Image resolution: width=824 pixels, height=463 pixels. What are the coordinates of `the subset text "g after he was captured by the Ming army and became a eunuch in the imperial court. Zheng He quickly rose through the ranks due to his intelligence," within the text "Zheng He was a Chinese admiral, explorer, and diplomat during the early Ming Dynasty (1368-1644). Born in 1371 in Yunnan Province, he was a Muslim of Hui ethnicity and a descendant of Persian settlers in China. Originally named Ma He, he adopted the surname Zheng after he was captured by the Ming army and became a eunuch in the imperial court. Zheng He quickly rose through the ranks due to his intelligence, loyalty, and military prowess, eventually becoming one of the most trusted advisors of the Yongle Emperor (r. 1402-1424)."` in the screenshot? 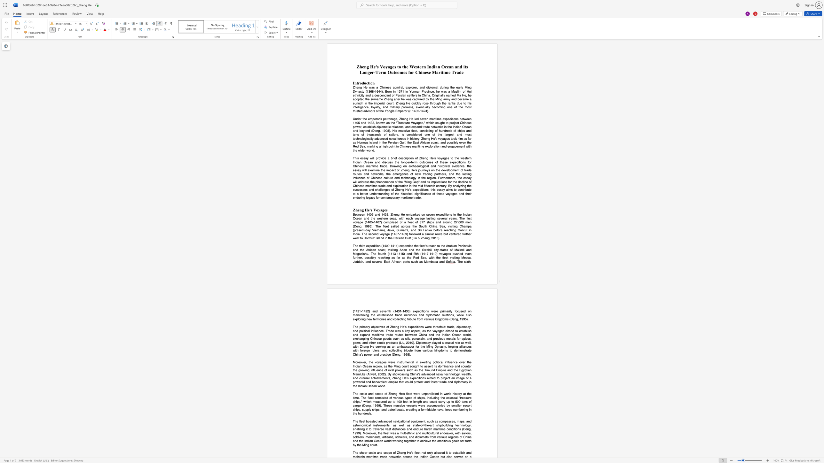 It's located at (391, 99).